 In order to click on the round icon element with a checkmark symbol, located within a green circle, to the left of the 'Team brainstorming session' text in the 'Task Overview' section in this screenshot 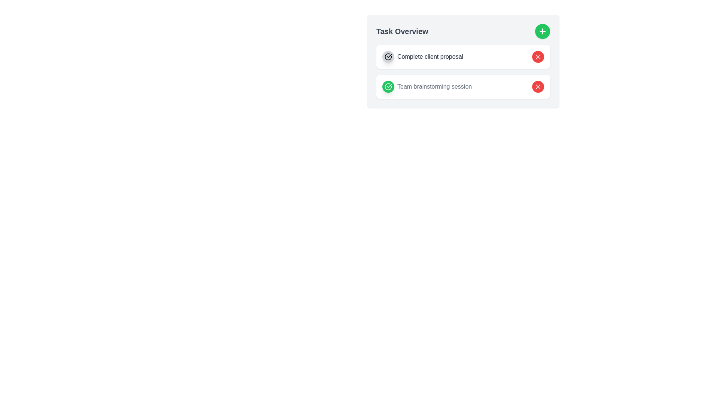, I will do `click(388, 86)`.